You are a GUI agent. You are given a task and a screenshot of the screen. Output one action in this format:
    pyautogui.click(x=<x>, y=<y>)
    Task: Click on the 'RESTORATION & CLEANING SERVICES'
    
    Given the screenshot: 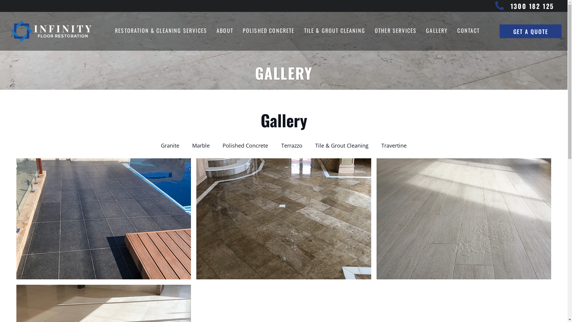 What is the action you would take?
    pyautogui.click(x=161, y=31)
    